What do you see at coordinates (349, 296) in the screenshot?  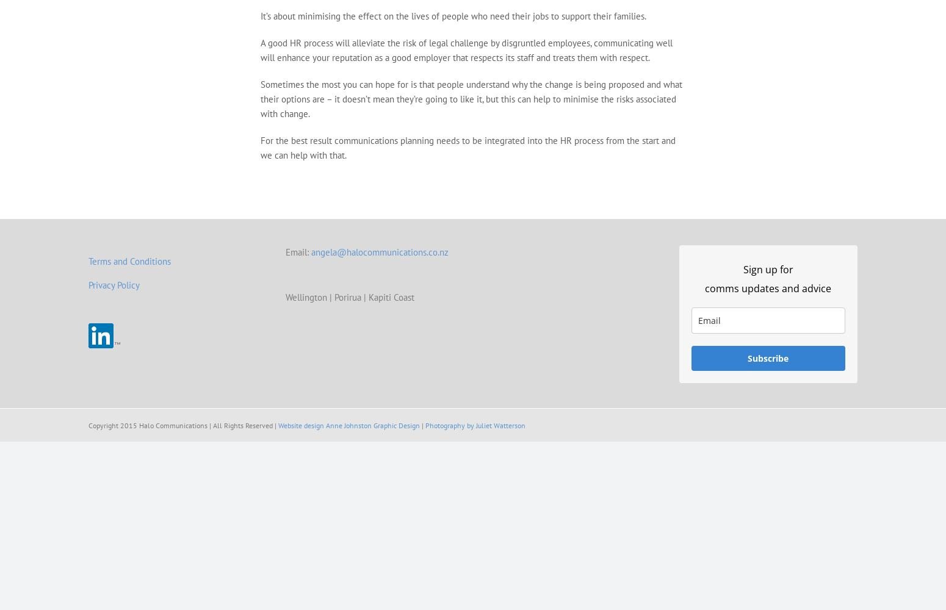 I see `'Wellington | Porirua | Kapiti Coast'` at bounding box center [349, 296].